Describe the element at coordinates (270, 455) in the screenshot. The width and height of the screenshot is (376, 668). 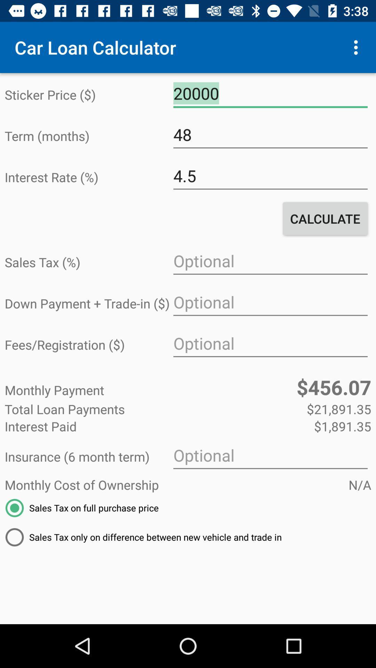
I see `icon above the monthly cost of` at that location.